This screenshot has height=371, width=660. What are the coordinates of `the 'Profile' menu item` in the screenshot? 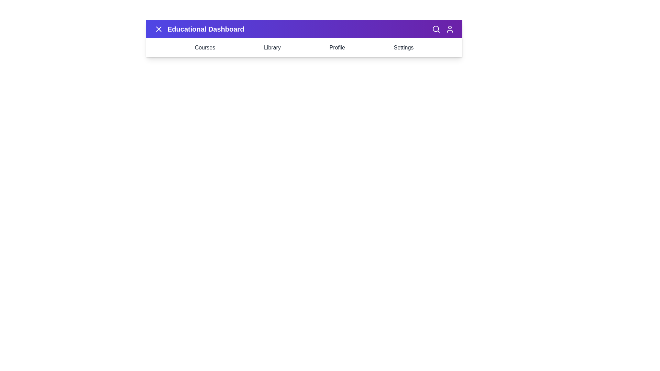 It's located at (337, 47).